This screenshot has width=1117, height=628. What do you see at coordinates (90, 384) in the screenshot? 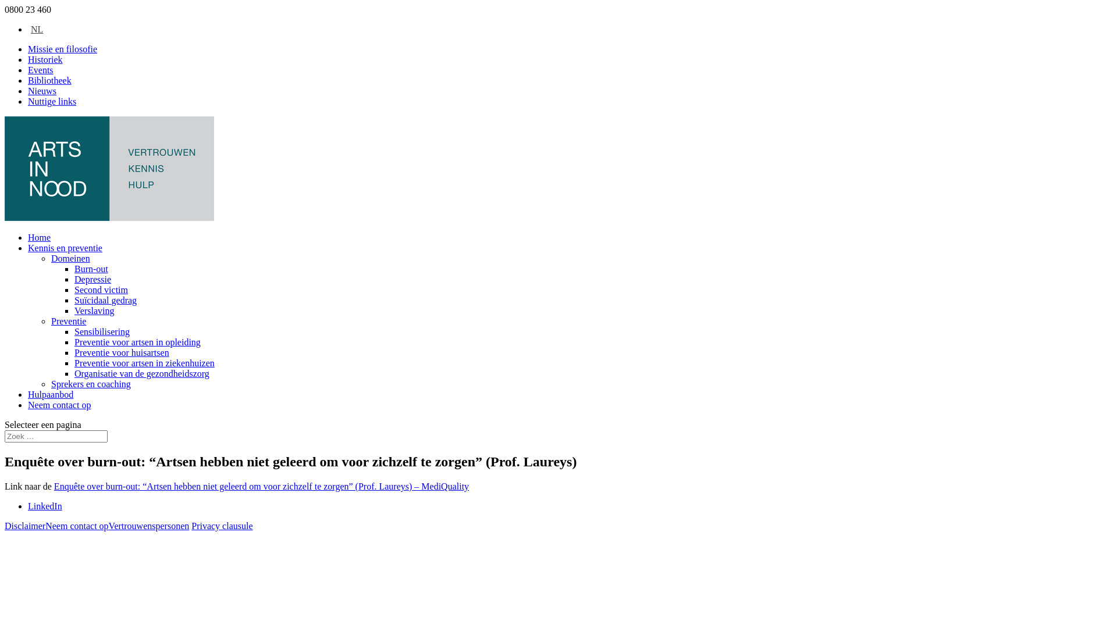
I see `'Sprekers en coaching'` at bounding box center [90, 384].